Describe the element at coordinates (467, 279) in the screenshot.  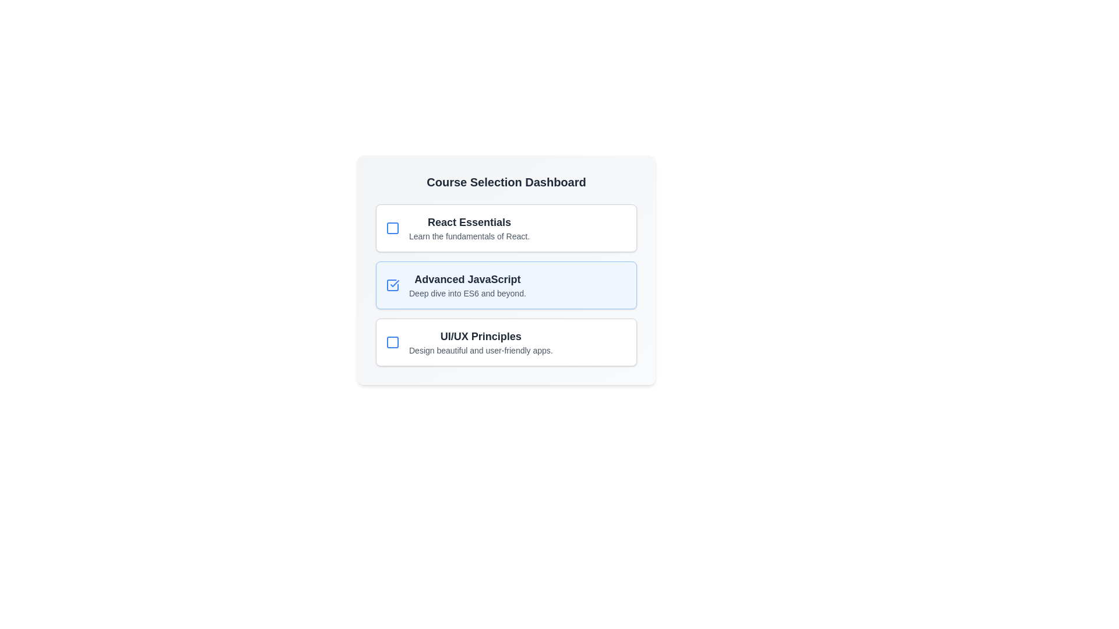
I see `the text label for the course option 'Advanced JavaScript', which is positioned in the center column of the interface, below 'React Essentials' and above 'UI/UX Principles'` at that location.